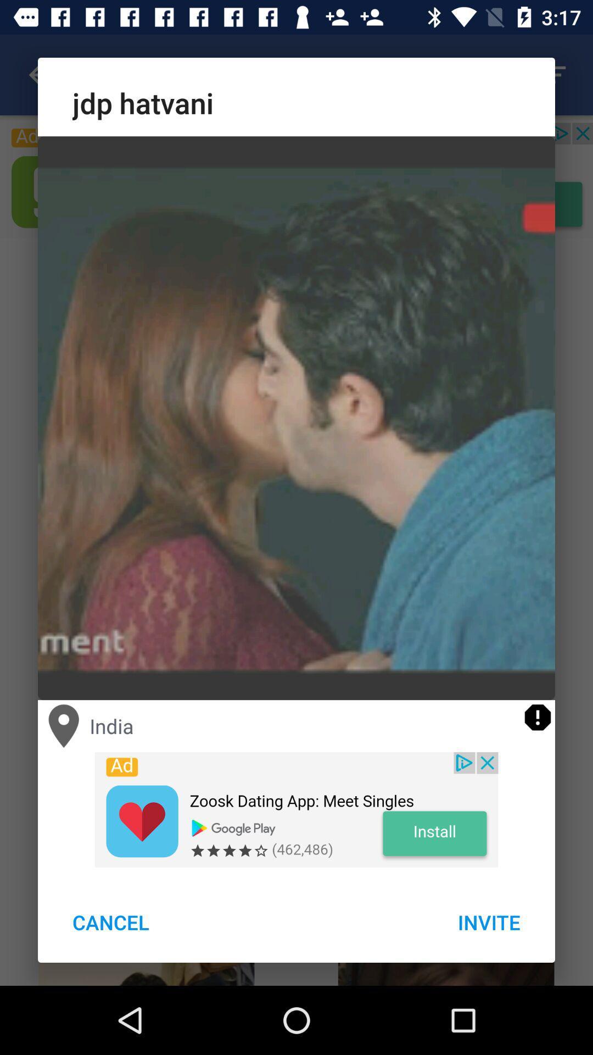 Image resolution: width=593 pixels, height=1055 pixels. I want to click on advertisement link, so click(296, 809).